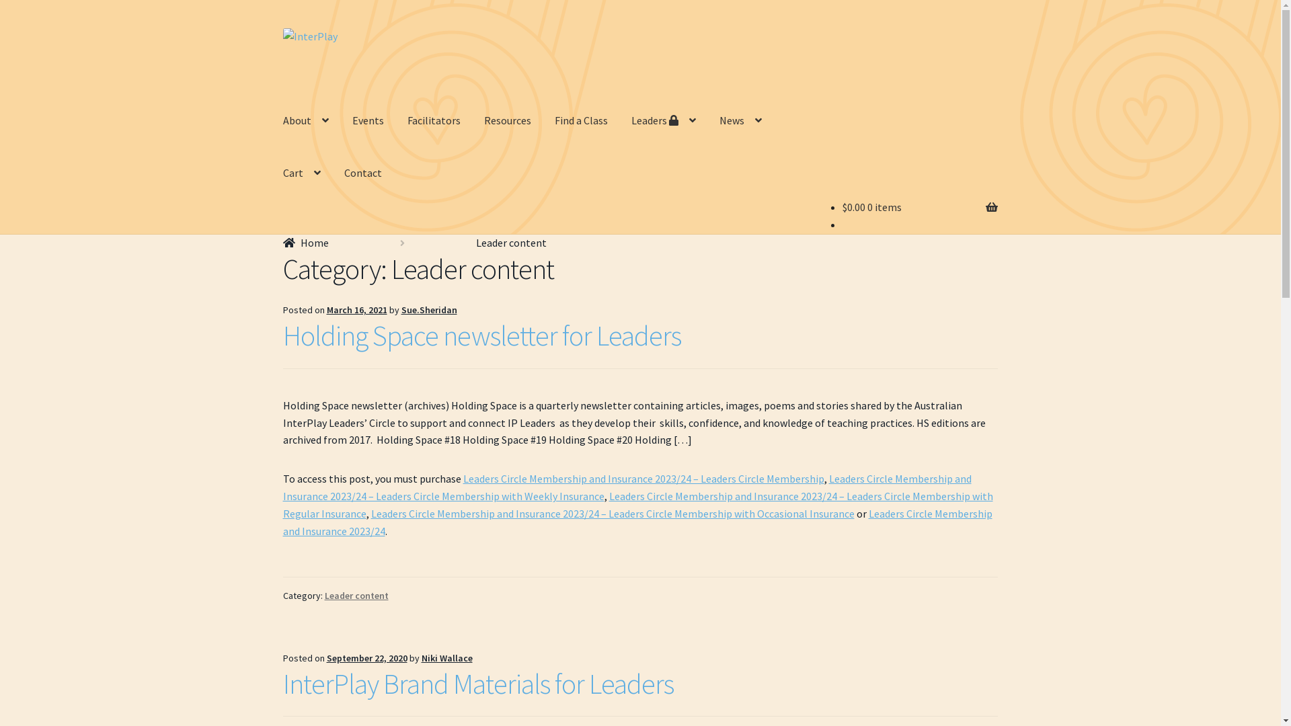 Image resolution: width=1291 pixels, height=726 pixels. I want to click on 'News', so click(740, 121).